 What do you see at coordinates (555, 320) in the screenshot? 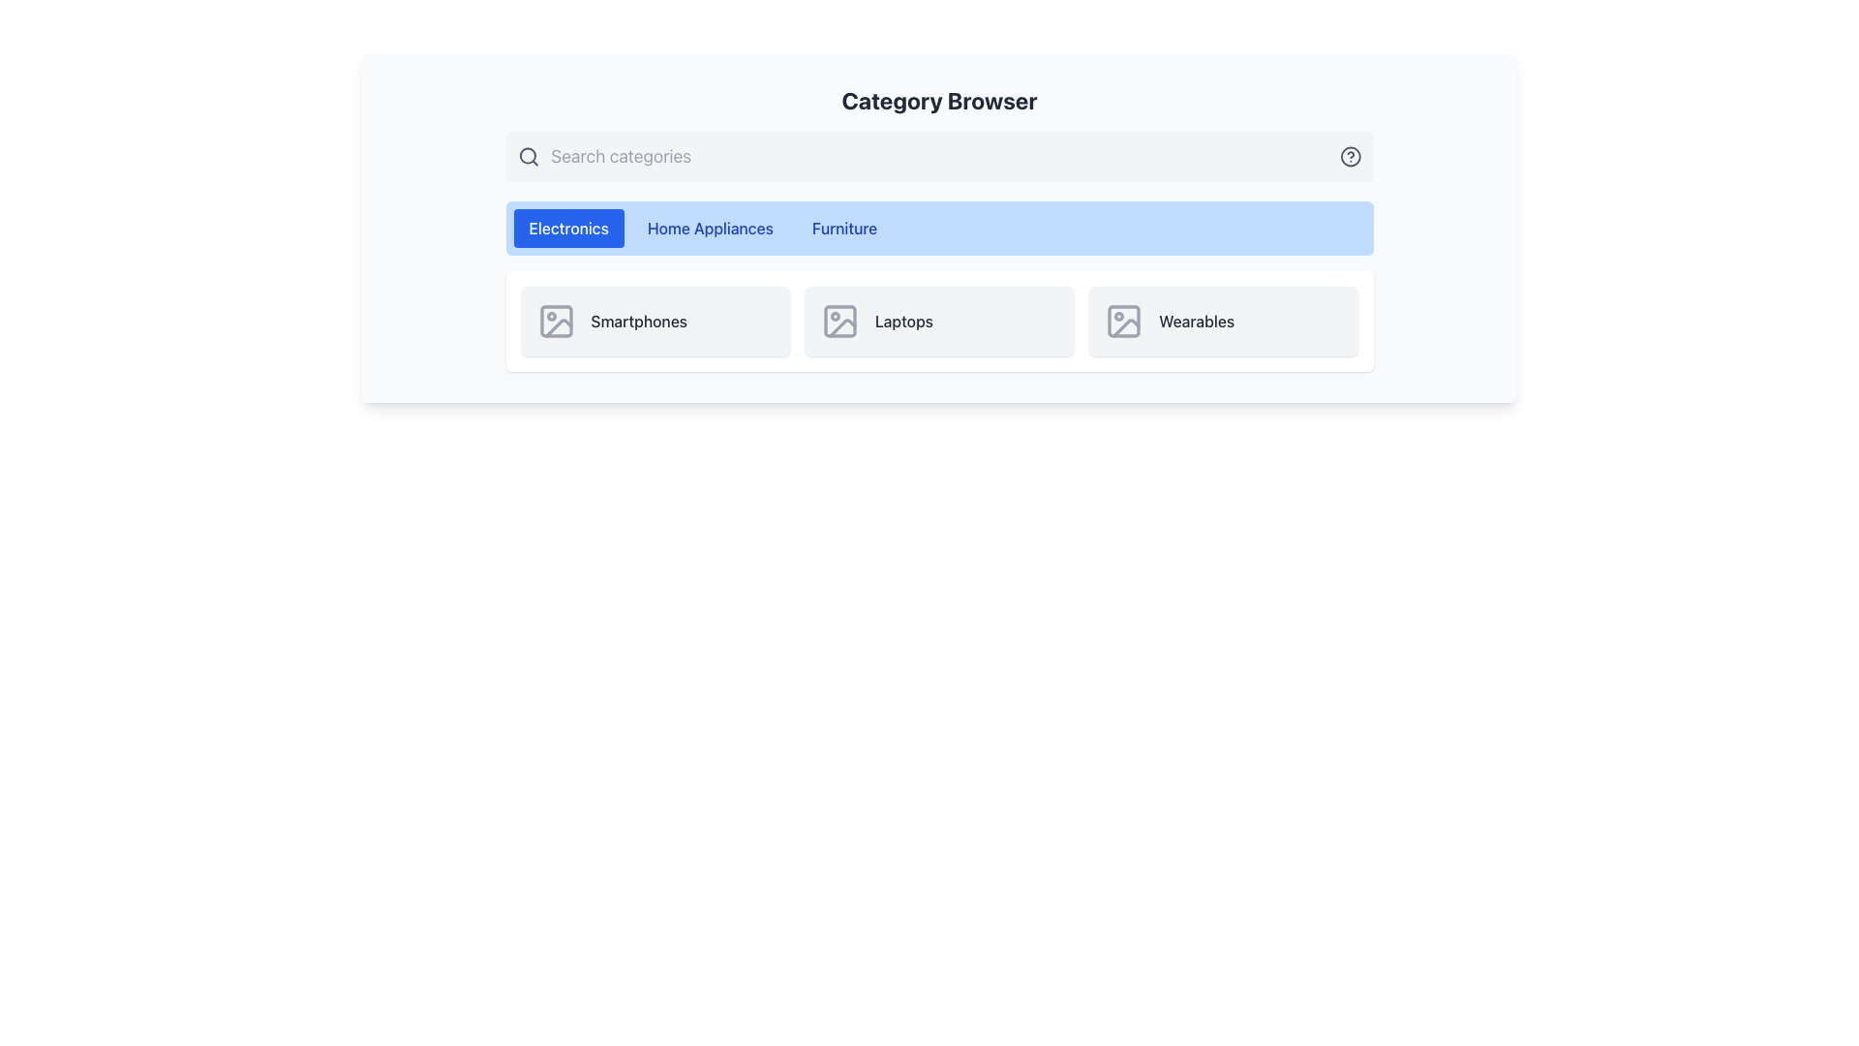
I see `the icon representing the 'Smartphones' category, which resembles a picture frame with a circular dot and diagonal line, located in the leftmost entry of the Category Browser section` at bounding box center [555, 320].